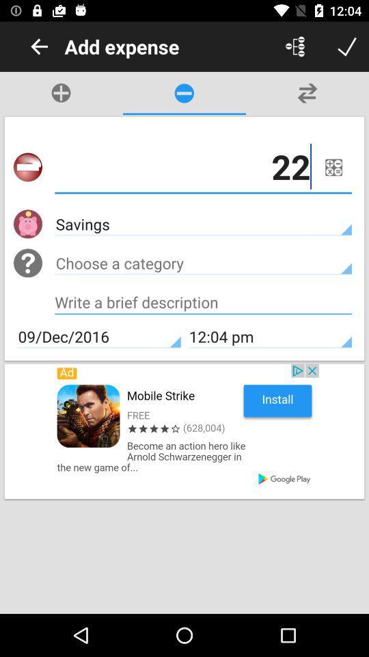 This screenshot has height=657, width=369. What do you see at coordinates (202, 304) in the screenshot?
I see `write description` at bounding box center [202, 304].